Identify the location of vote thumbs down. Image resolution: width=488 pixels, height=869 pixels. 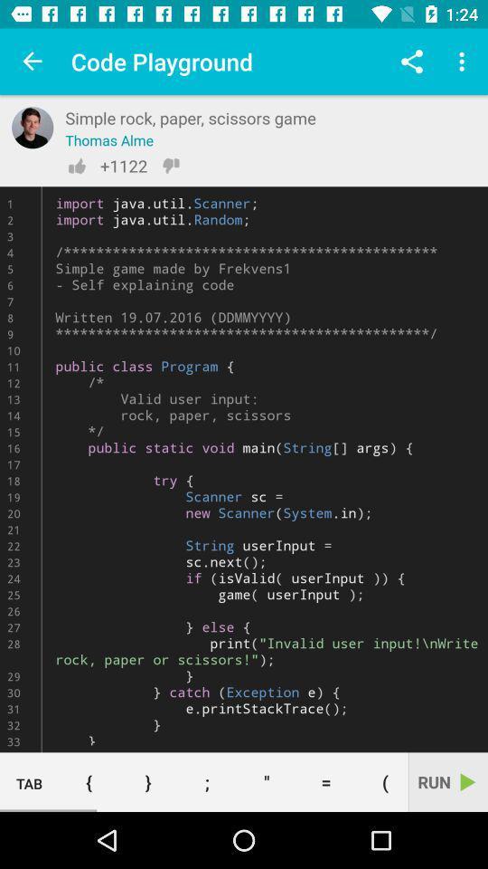
(171, 166).